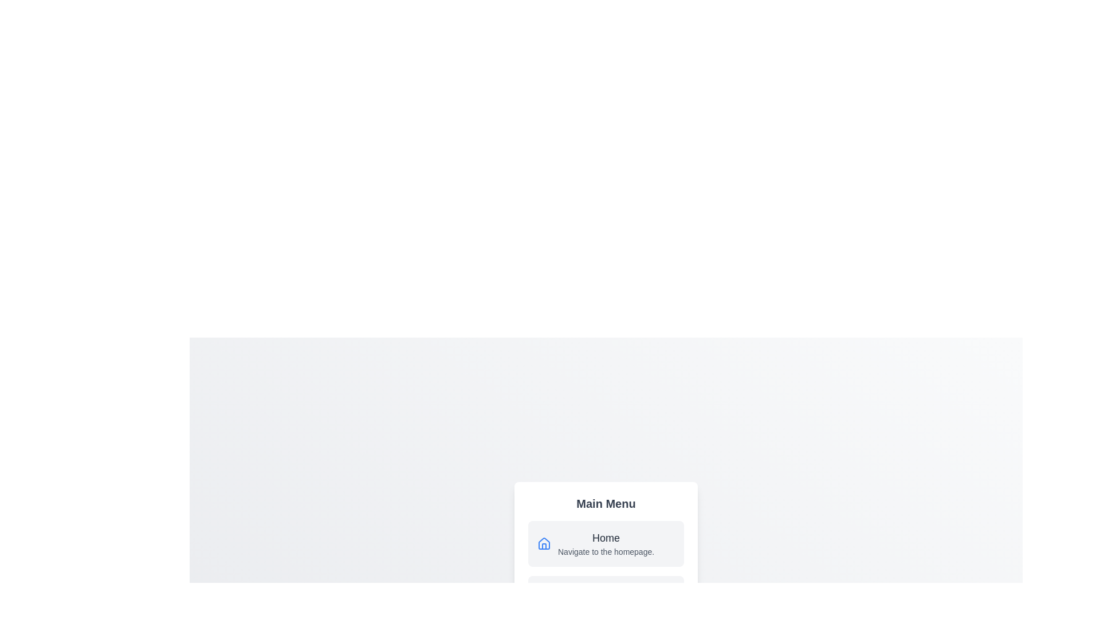  Describe the element at coordinates (605, 543) in the screenshot. I see `the menu option Home to read its description` at that location.